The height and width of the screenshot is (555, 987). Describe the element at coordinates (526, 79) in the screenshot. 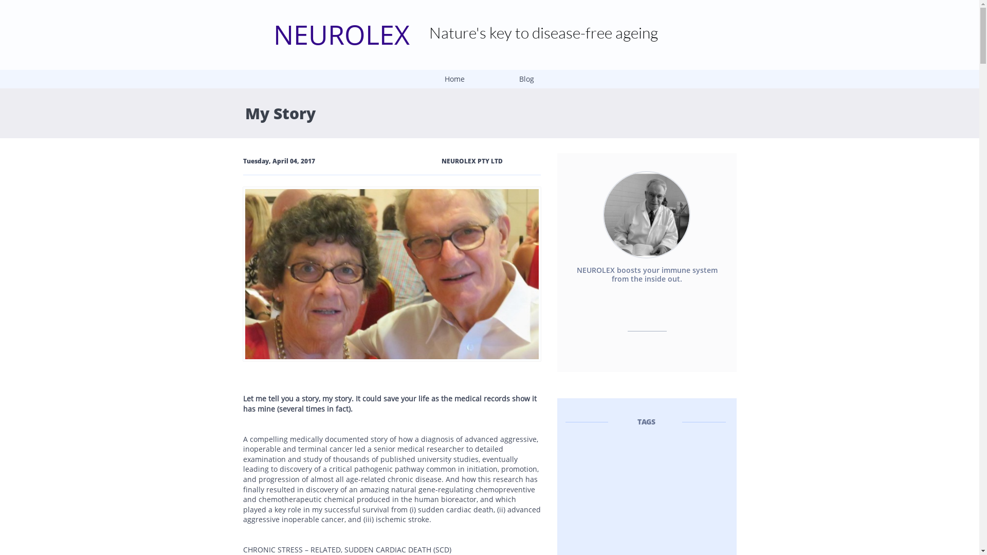

I see `'Blog'` at that location.